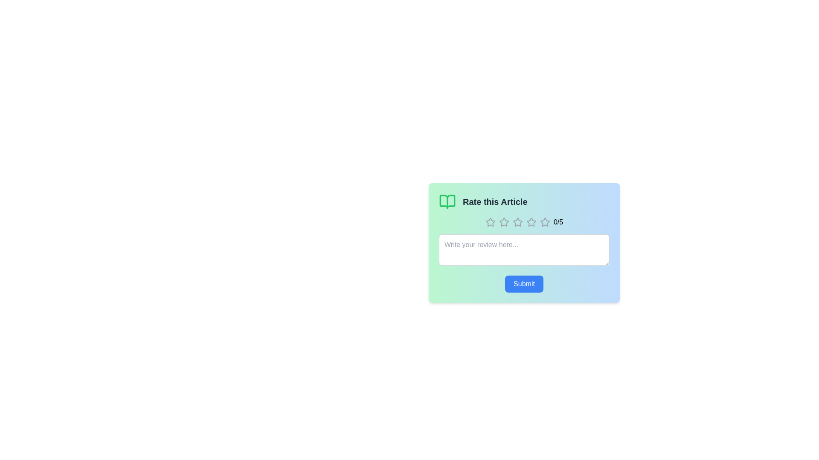 This screenshot has width=819, height=460. I want to click on the decorative book icon to view it, so click(447, 202).